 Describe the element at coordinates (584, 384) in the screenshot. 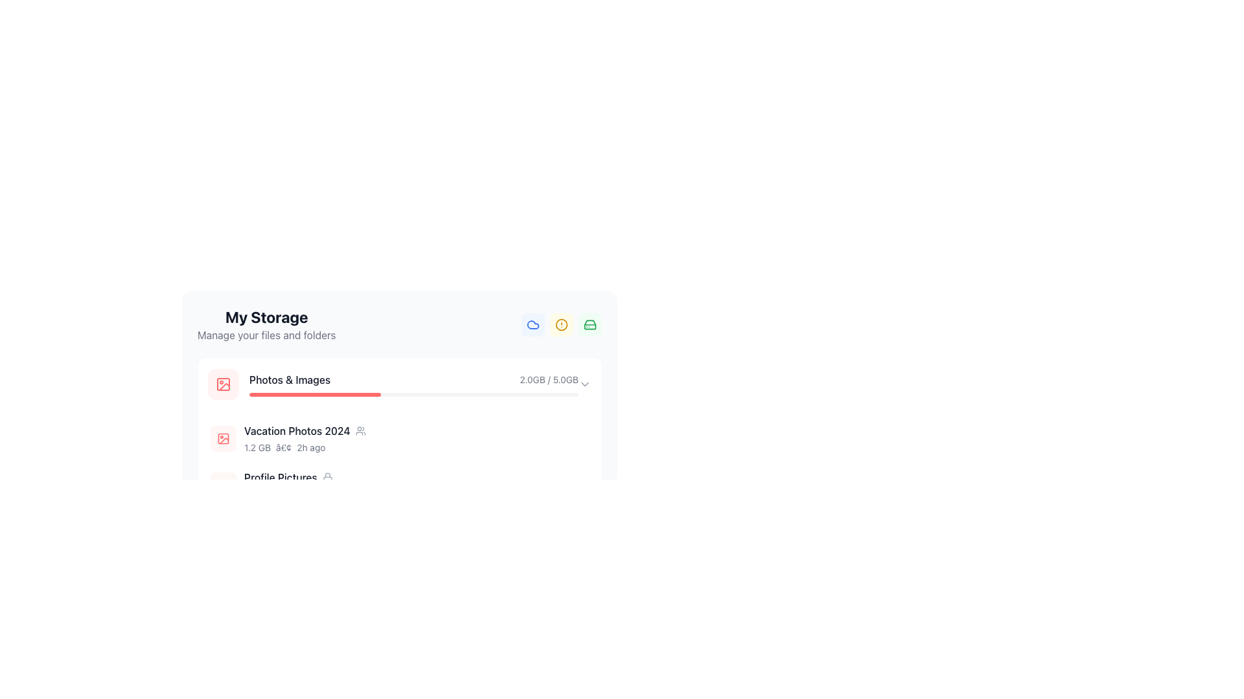

I see `the Chevron Right icon at the far right of the 'Photos & Images' row` at that location.